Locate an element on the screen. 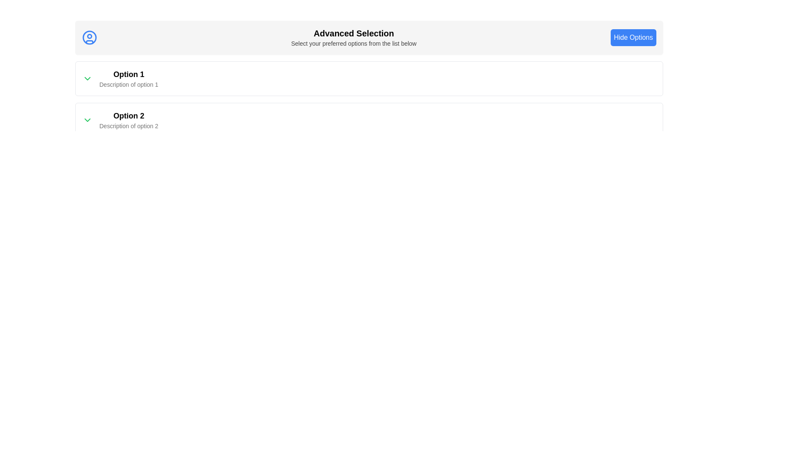  the text label for 'Option 1' is located at coordinates (128, 74).